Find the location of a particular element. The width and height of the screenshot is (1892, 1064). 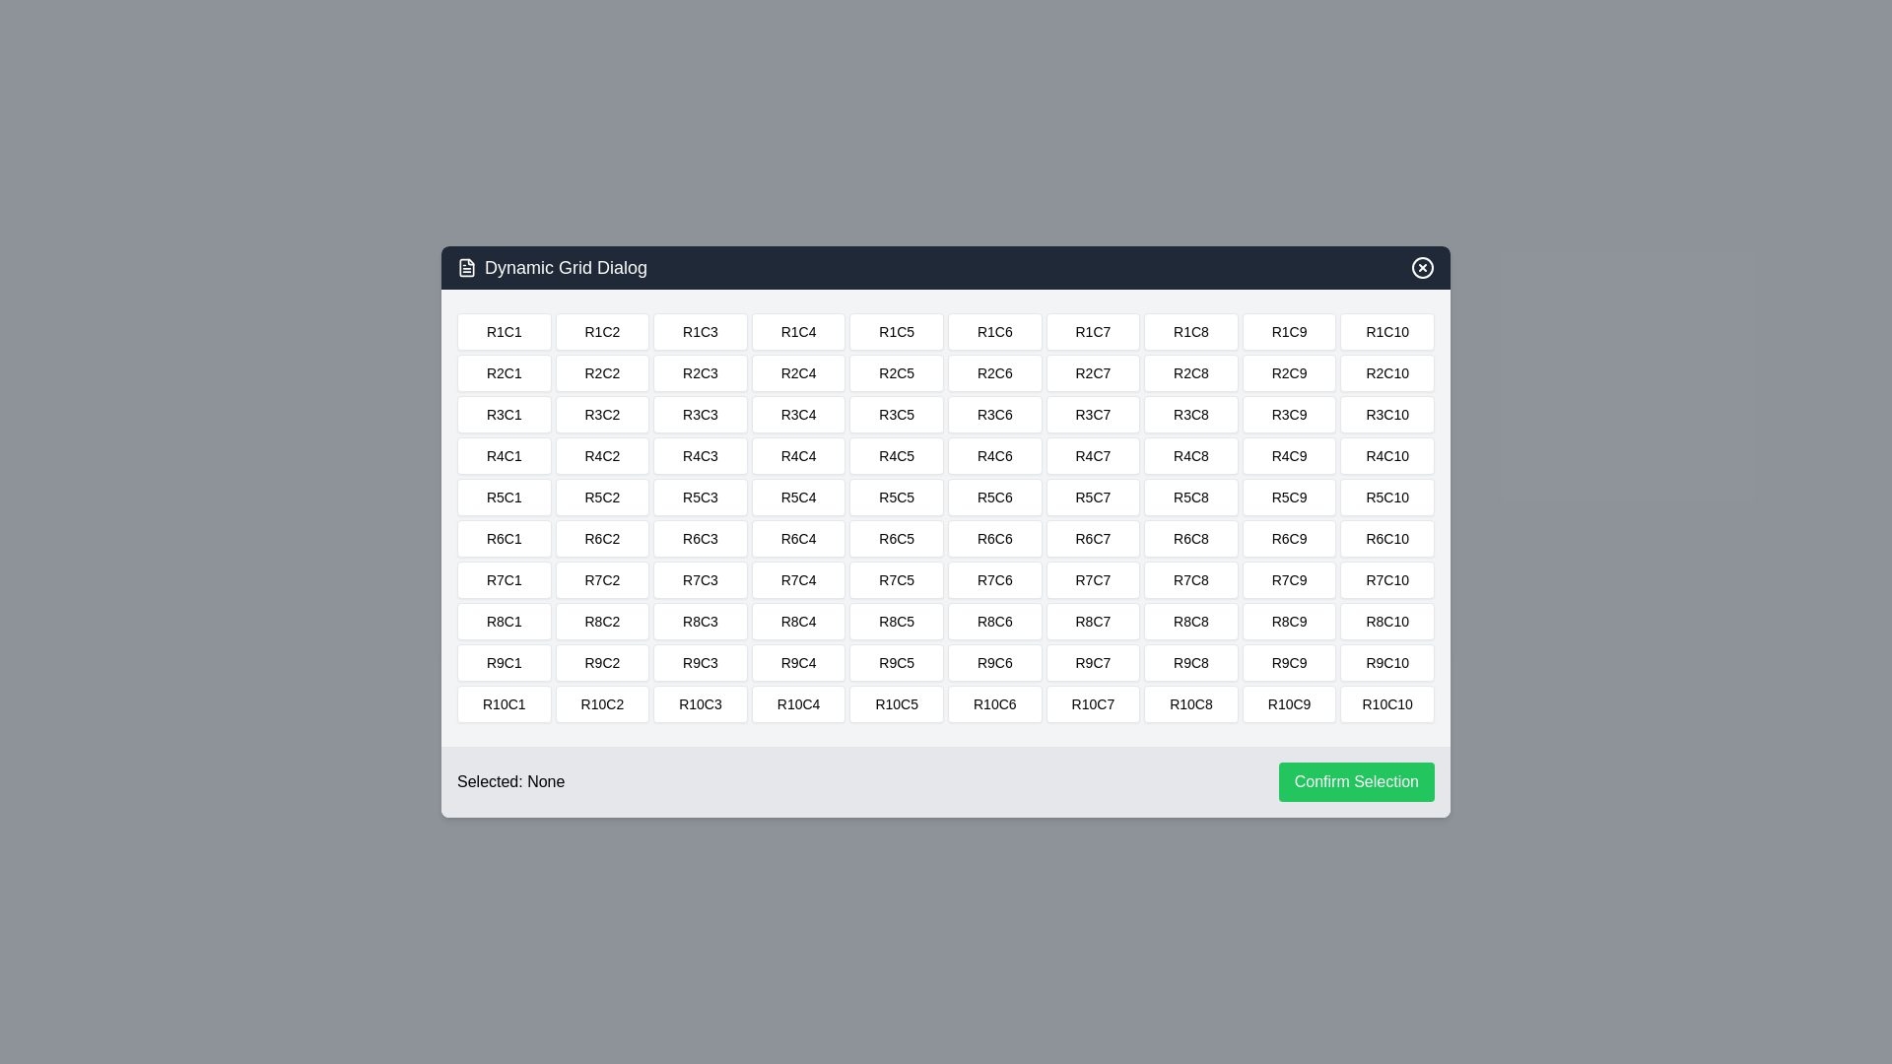

the close button in the top-right corner of the dialog is located at coordinates (1423, 268).